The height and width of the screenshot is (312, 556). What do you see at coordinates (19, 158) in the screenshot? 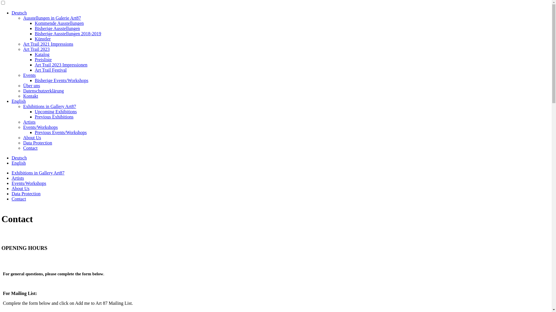
I see `'Deutsch'` at bounding box center [19, 158].